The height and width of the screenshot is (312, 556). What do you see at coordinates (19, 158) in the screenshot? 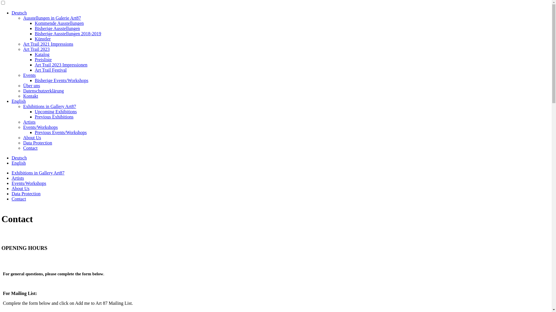
I see `'Deutsch'` at bounding box center [19, 158].